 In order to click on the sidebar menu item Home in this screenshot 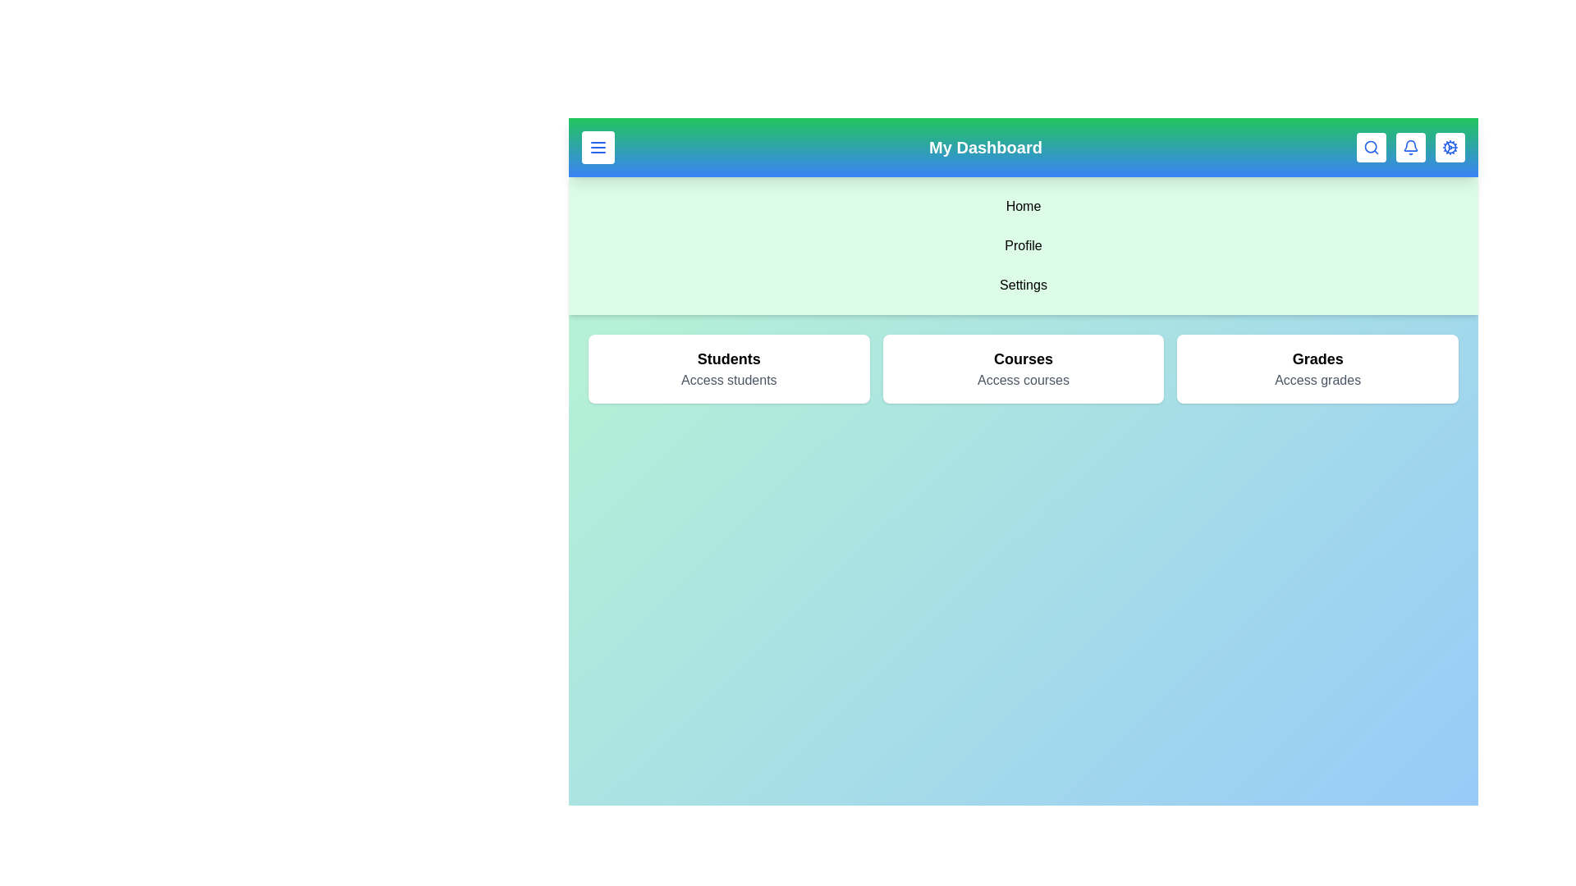, I will do `click(1023, 205)`.